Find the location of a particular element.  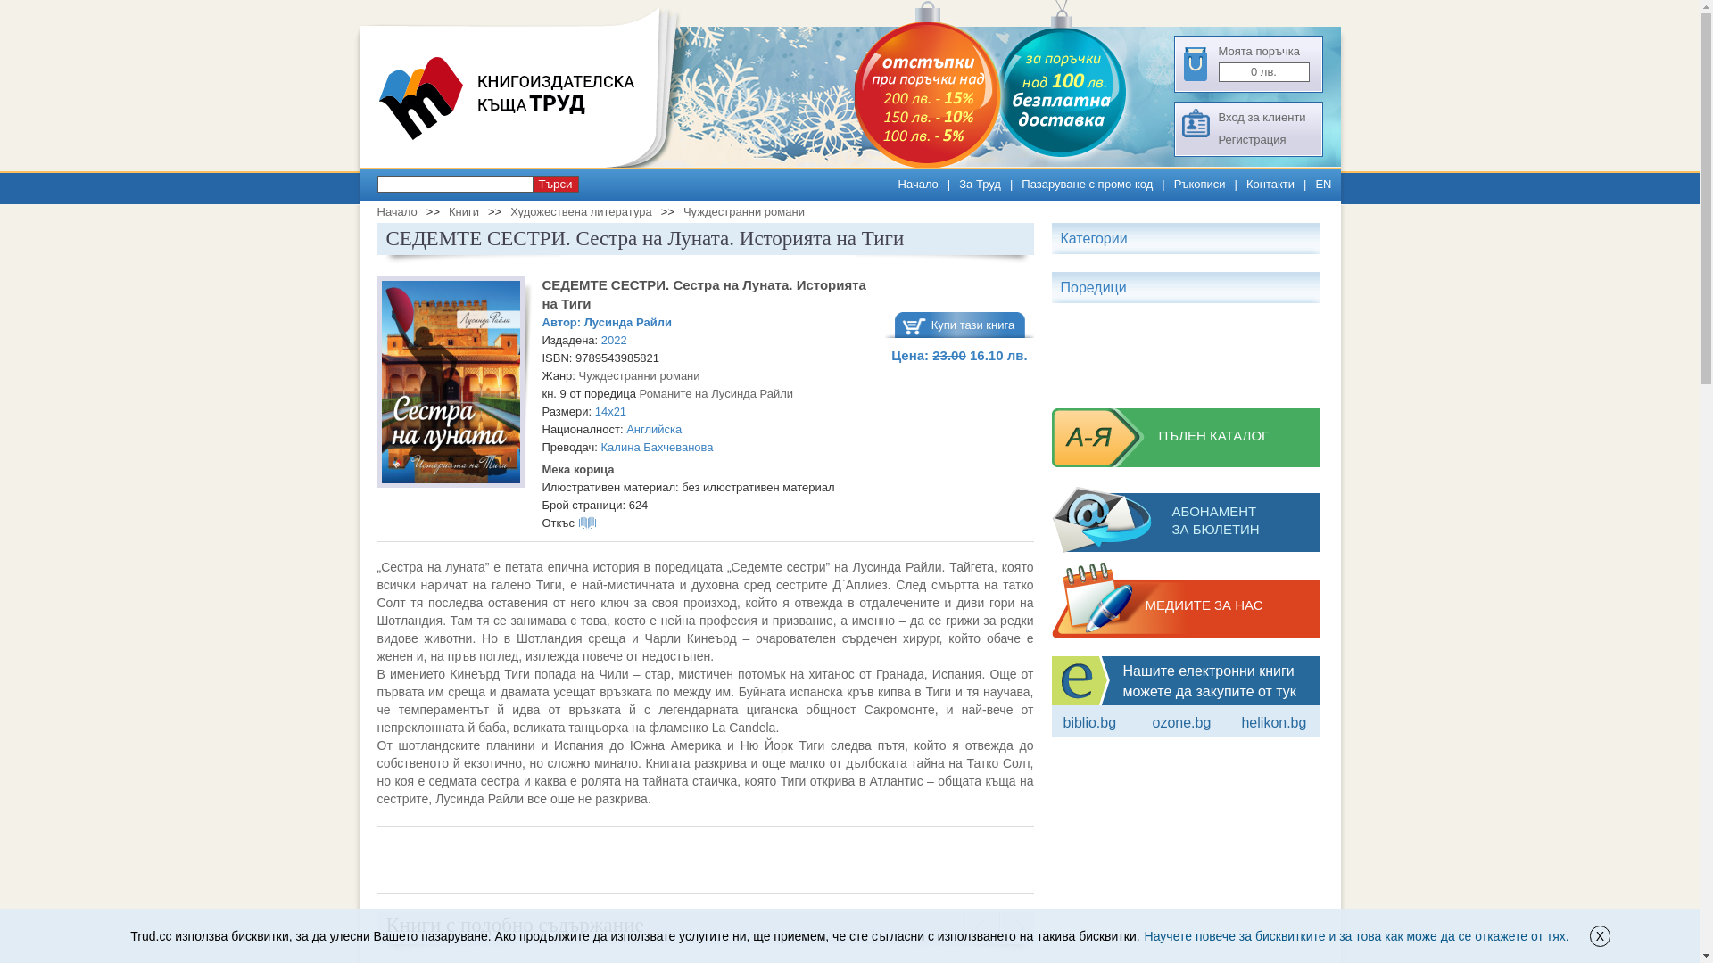

'biblio.bg' is located at coordinates (1089, 722).